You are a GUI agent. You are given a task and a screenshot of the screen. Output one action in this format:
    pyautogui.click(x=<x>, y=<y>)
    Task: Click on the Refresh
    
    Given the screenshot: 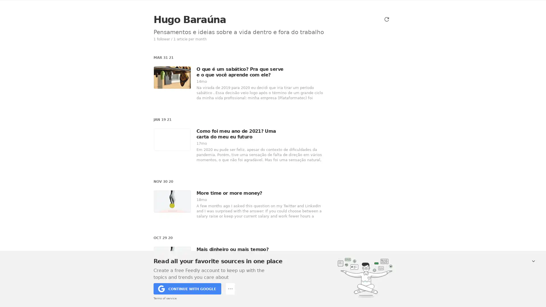 What is the action you would take?
    pyautogui.click(x=386, y=19)
    